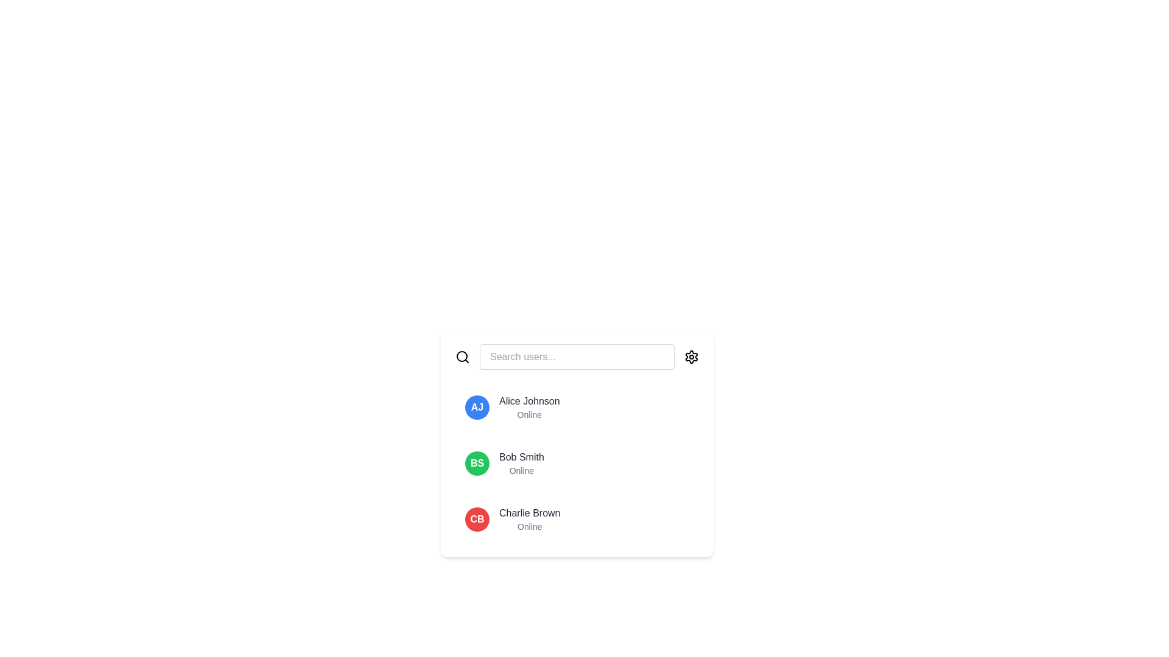 This screenshot has width=1169, height=657. I want to click on the user profile entry for 'Charlie Brown', which features a circular avatar with 'CB', a bold username, and an online status indicator below it, so click(577, 519).